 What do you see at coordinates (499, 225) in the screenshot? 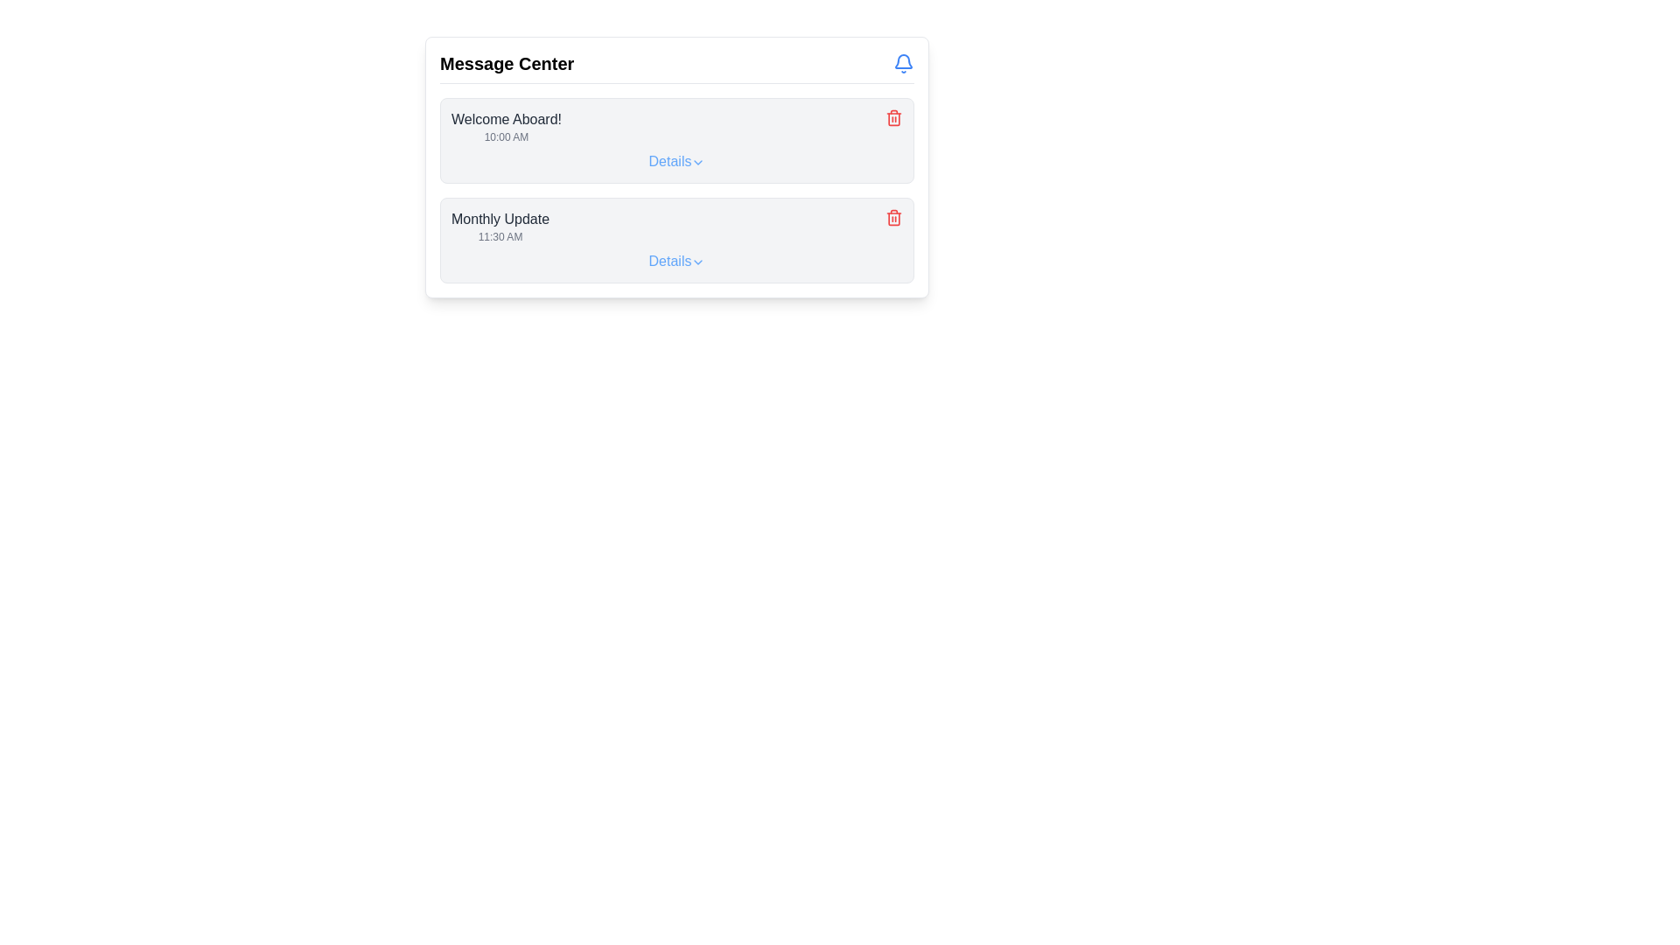
I see `the Text Label displaying 'Monthly Update' and '11:30 AM', which is the second card in the vertical list under 'Message Center'` at bounding box center [499, 225].